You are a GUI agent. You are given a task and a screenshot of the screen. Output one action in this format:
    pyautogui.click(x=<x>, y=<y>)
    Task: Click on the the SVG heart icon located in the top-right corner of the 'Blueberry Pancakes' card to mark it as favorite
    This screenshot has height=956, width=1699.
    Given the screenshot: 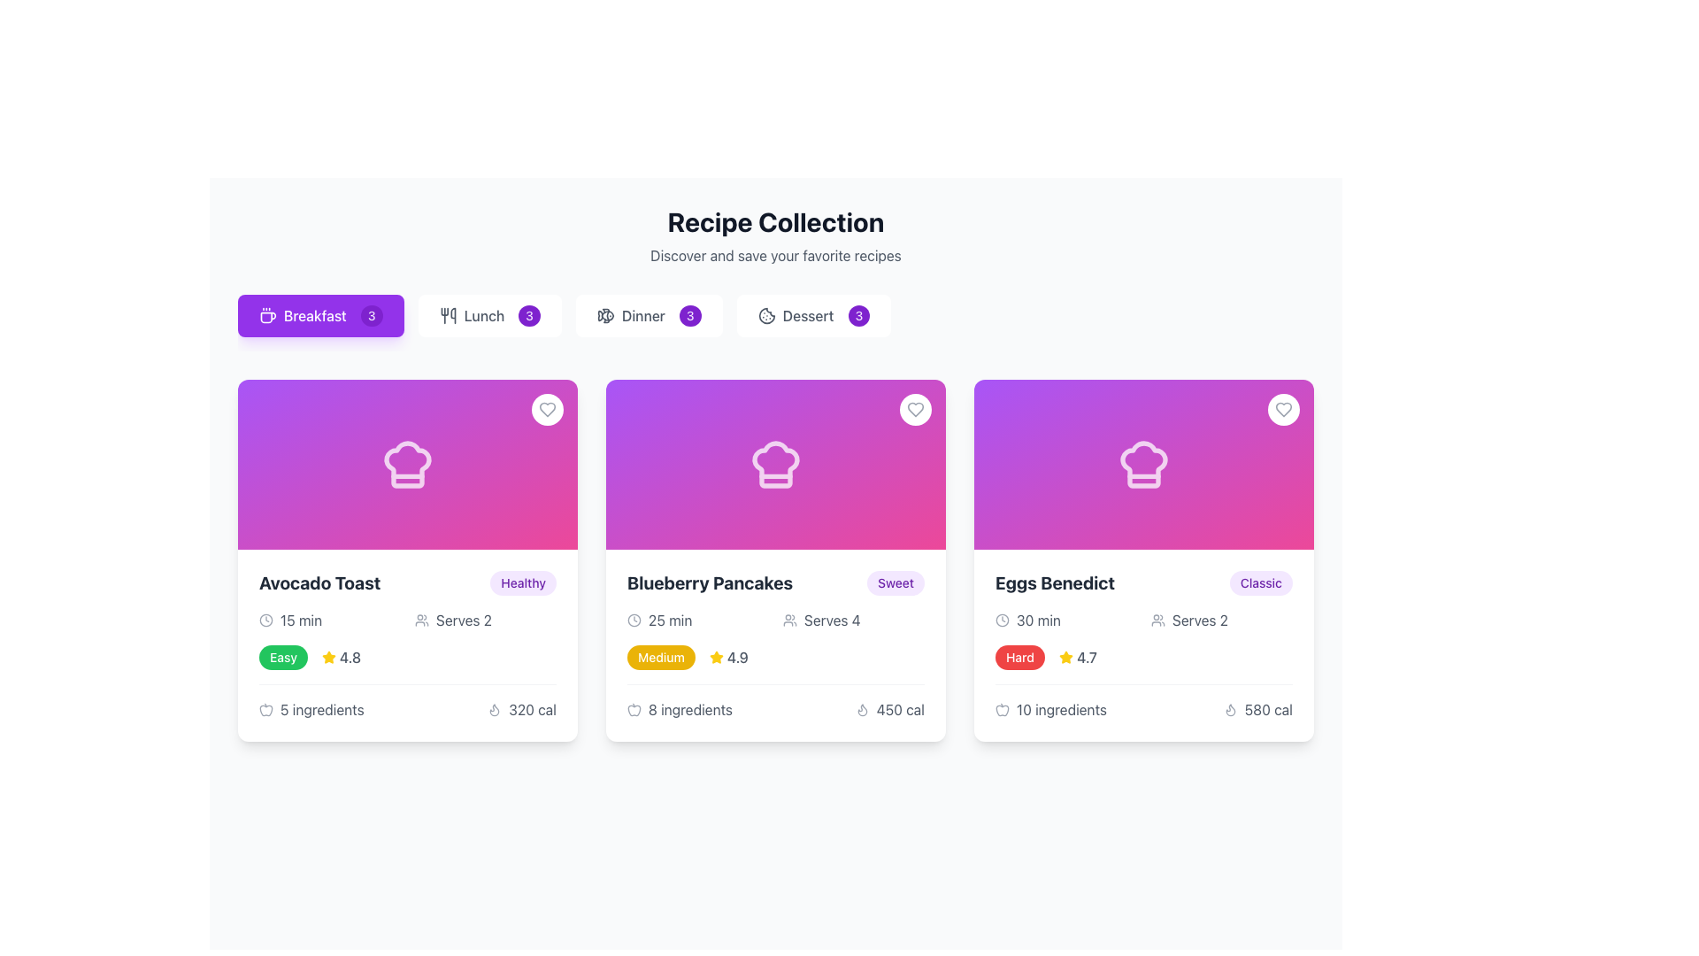 What is the action you would take?
    pyautogui.click(x=916, y=409)
    